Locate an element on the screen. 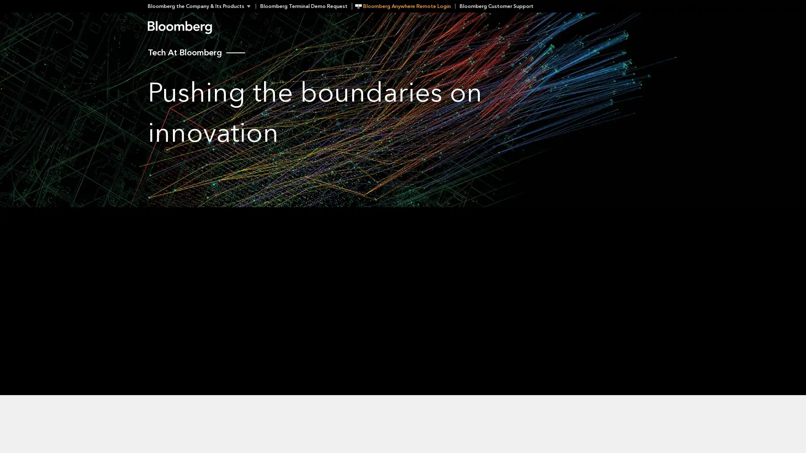 This screenshot has height=453, width=806. Skip to content is located at coordinates (4, 2).